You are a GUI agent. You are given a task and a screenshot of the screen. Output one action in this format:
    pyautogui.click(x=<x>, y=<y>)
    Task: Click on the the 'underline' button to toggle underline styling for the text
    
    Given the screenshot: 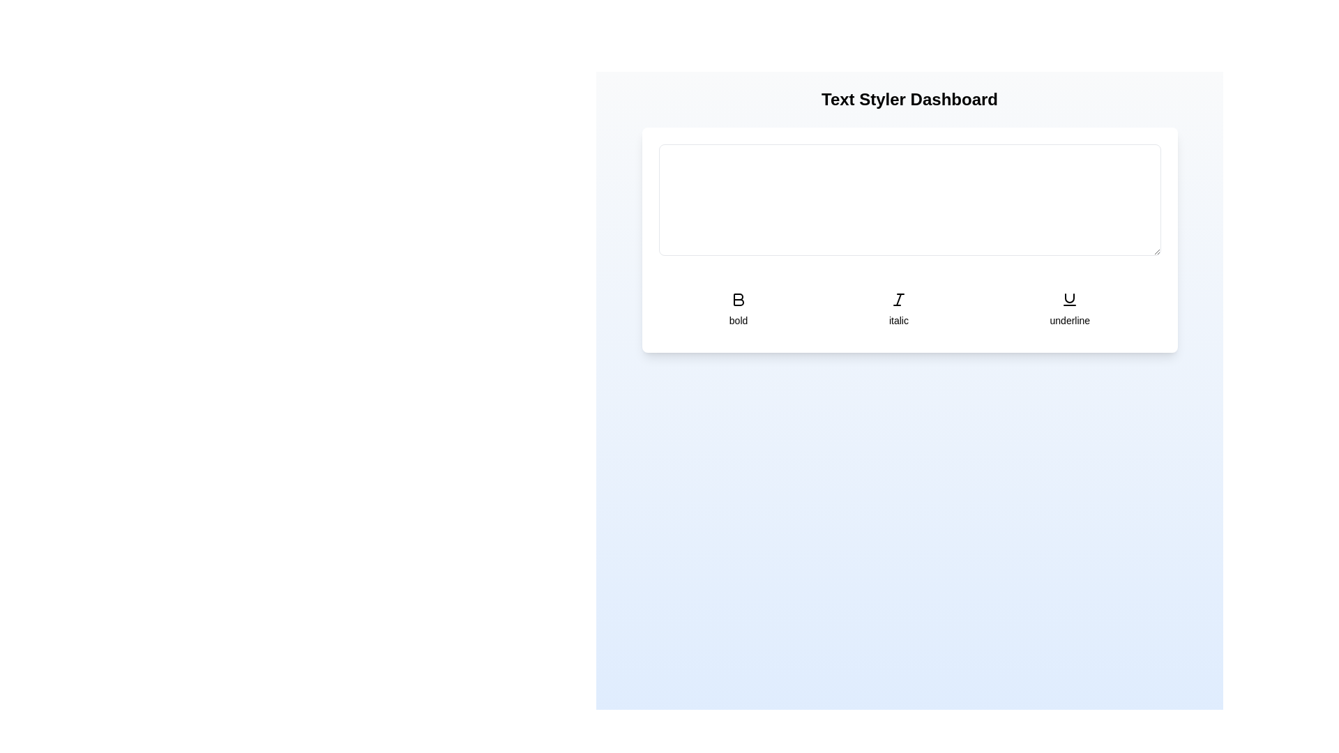 What is the action you would take?
    pyautogui.click(x=1069, y=308)
    